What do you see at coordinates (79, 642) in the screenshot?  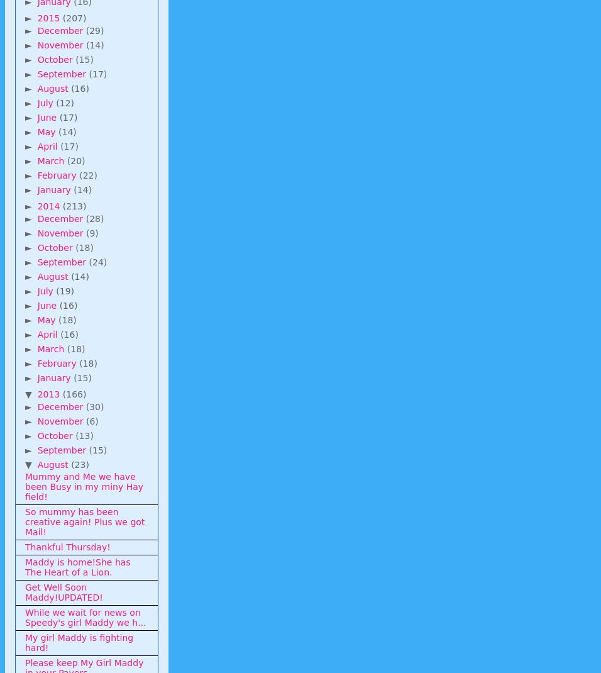 I see `'My girl Maddy is fighting hard!'` at bounding box center [79, 642].